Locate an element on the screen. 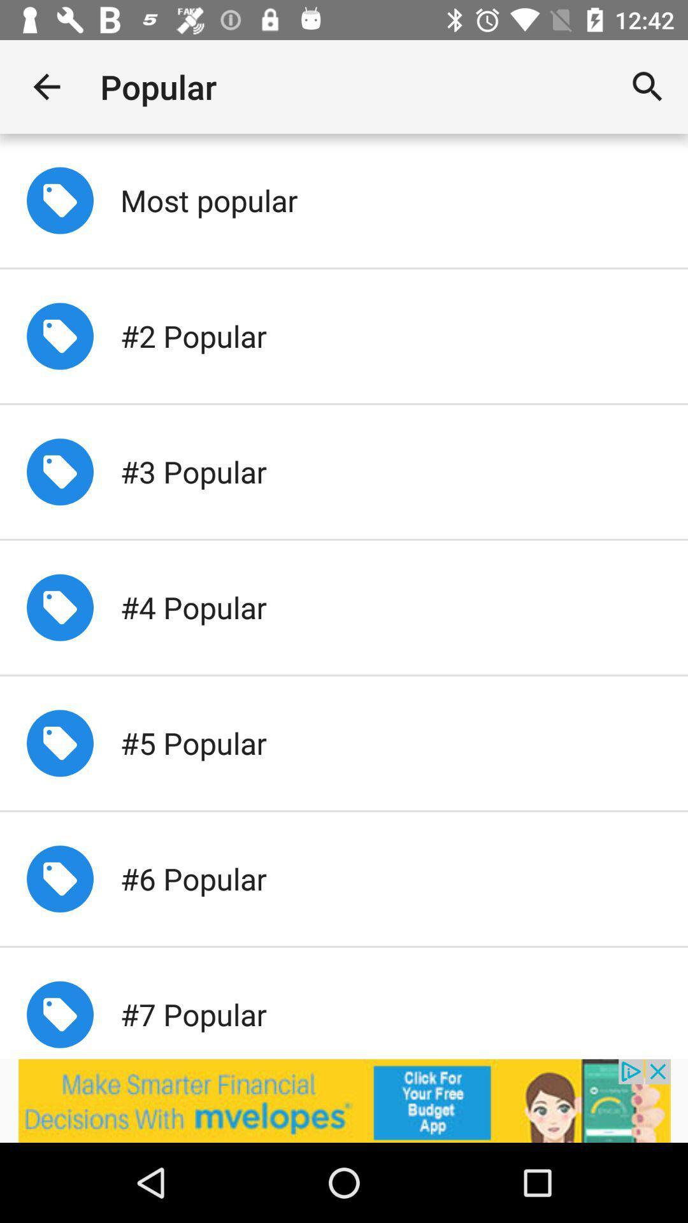  advertisement is located at coordinates (344, 1100).